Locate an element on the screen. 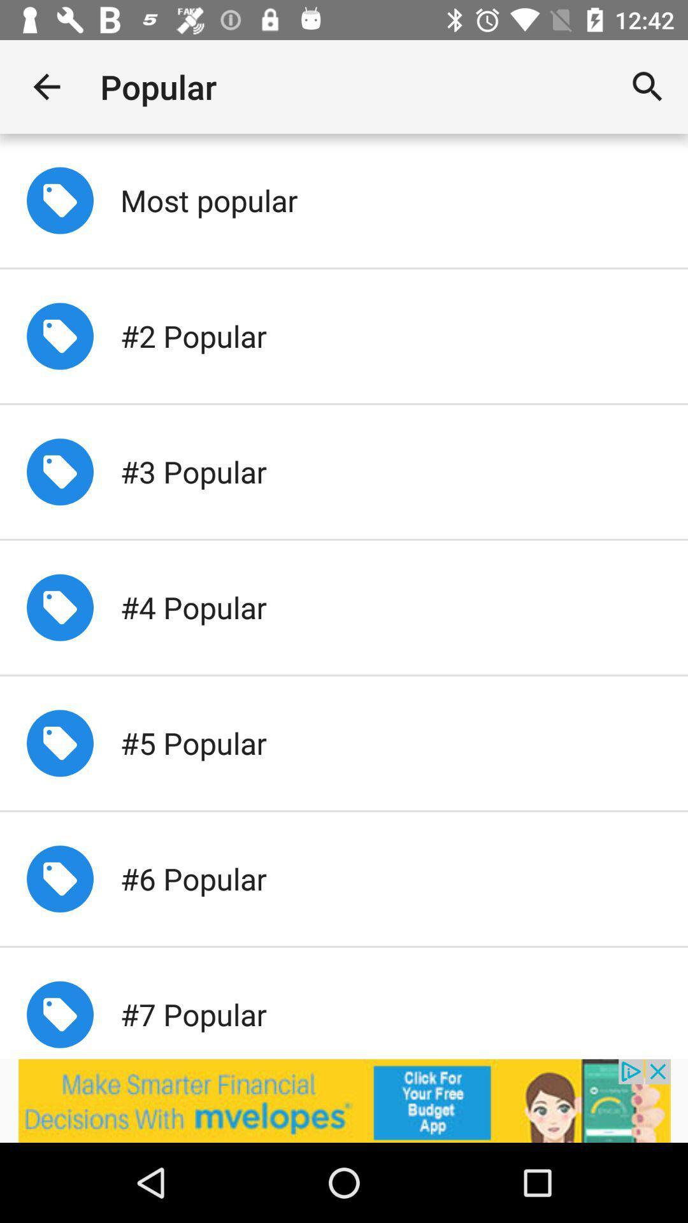  advertisement is located at coordinates (344, 1100).